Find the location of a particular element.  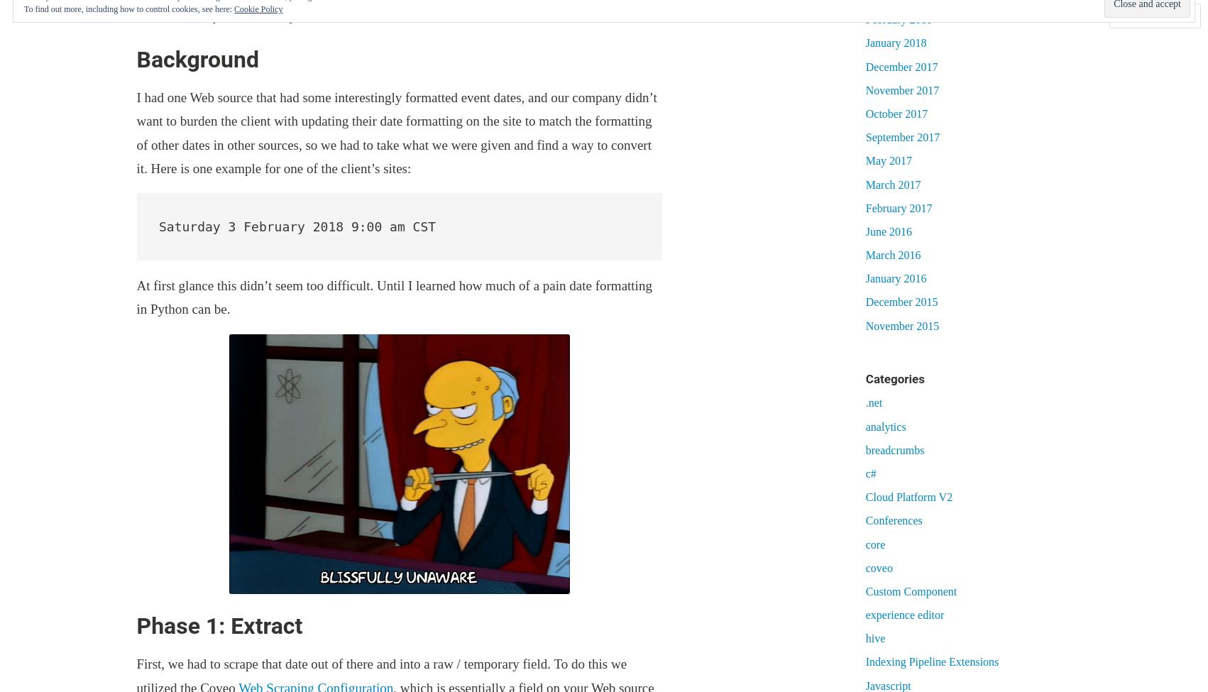

'Saturday 3 February 2018 9:00 am CST' is located at coordinates (158, 225).